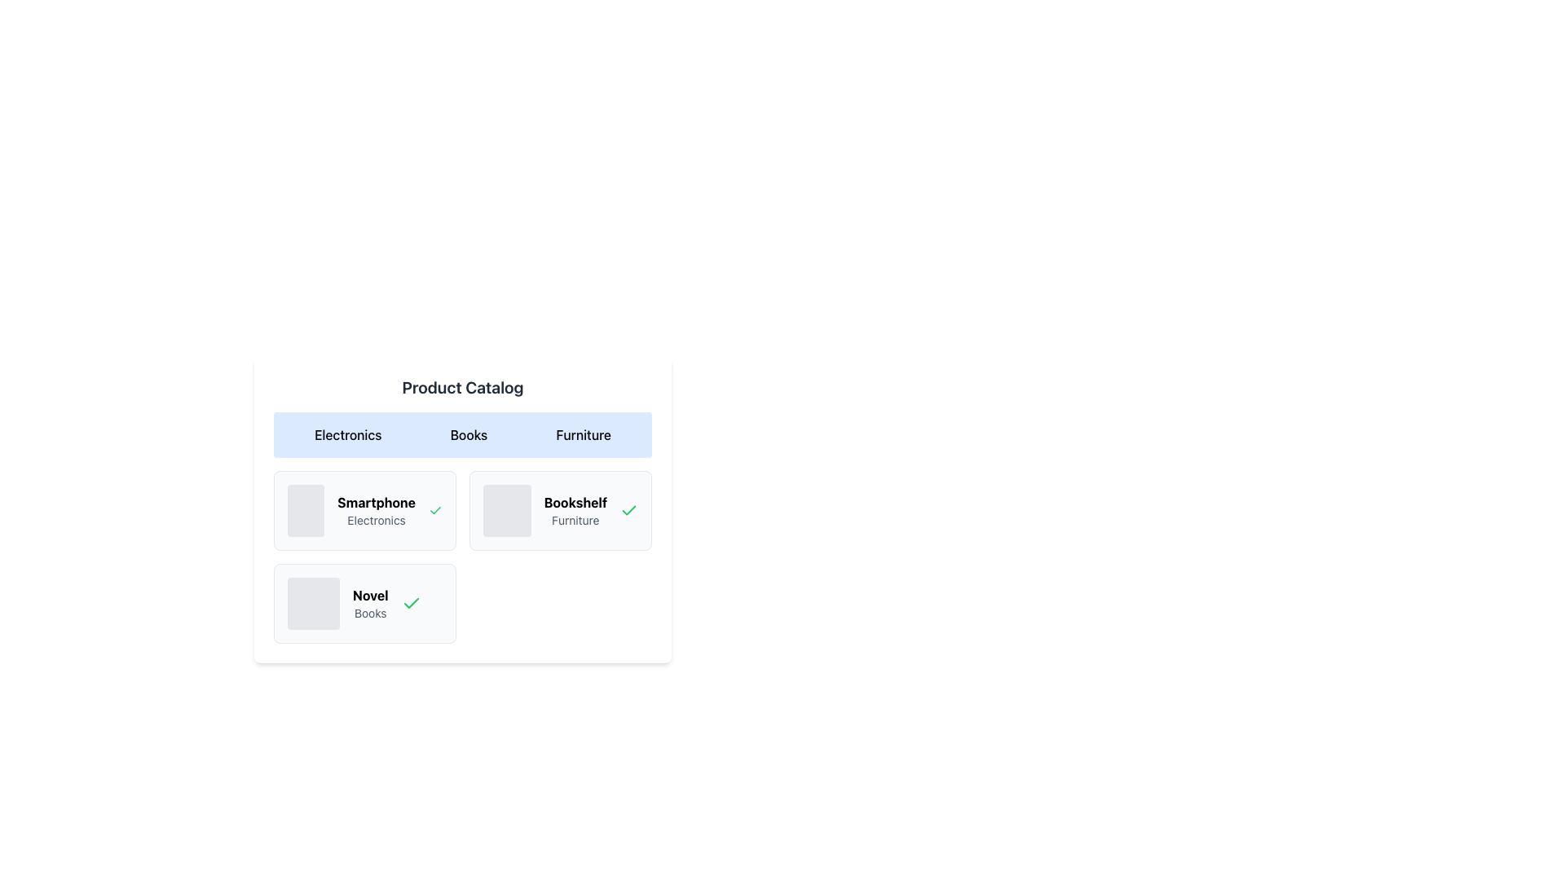 The image size is (1565, 880). Describe the element at coordinates (575, 521) in the screenshot. I see `text label displaying 'Furniture' which is styled in gray color and positioned below the 'Bookshelf' label in a three-column grid layout` at that location.